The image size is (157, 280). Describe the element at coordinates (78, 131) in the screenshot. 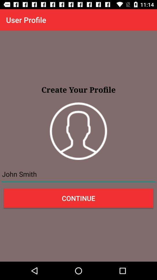

I see `profile` at that location.